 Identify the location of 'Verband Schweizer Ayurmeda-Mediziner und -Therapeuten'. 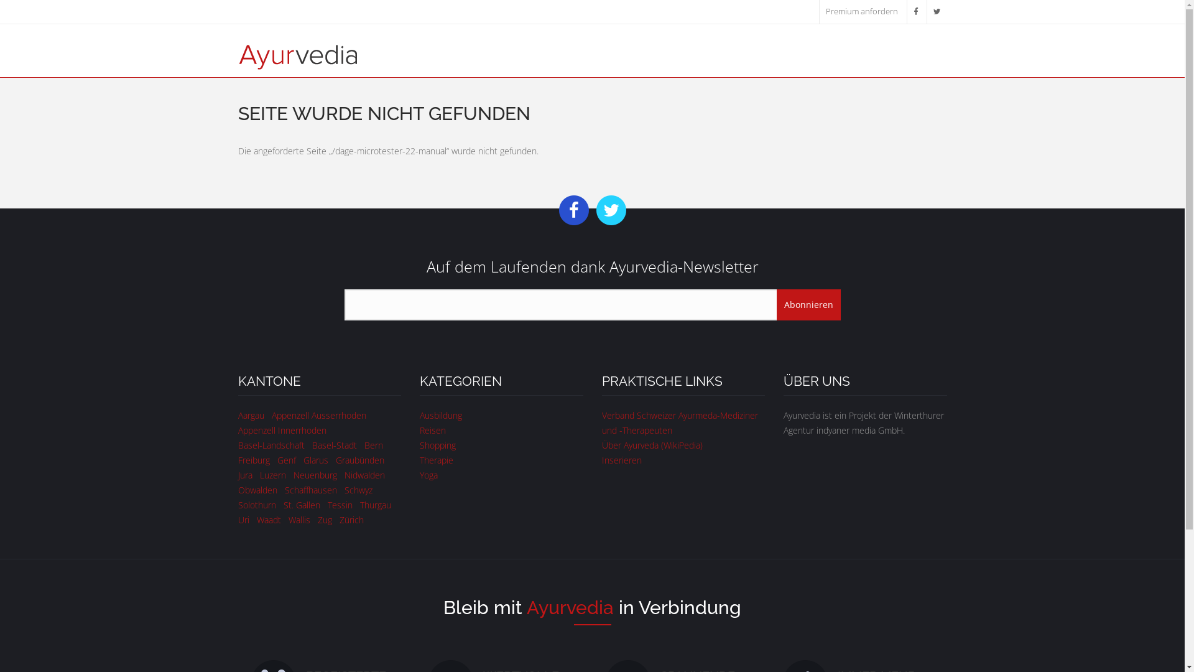
(679, 422).